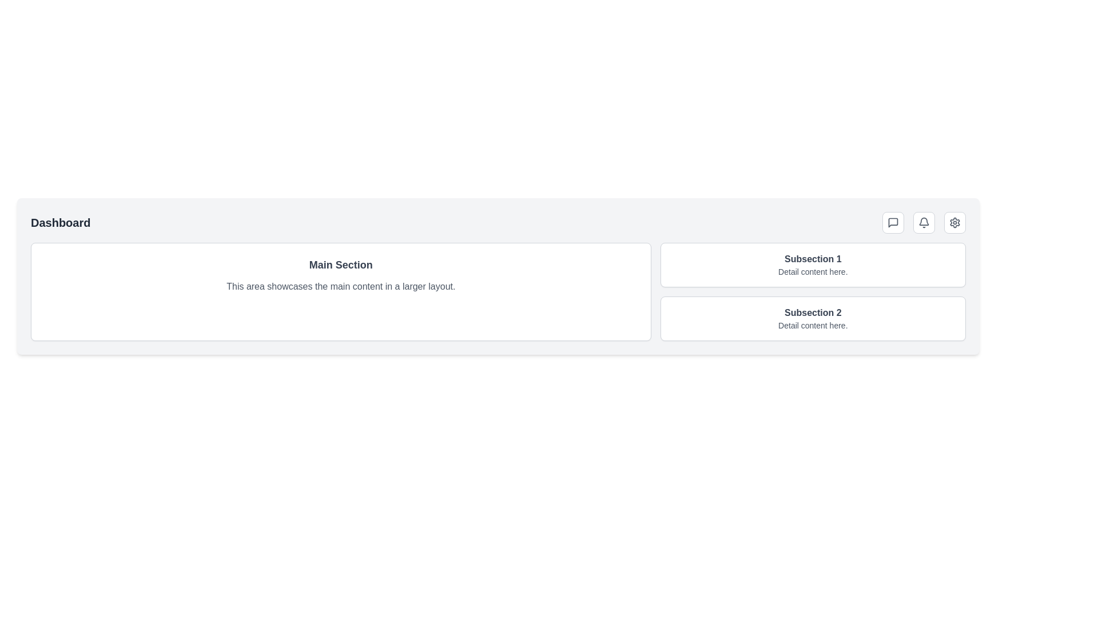  I want to click on the text label reading 'Subsection 1', which is styled with medium font weight and dark gray color, located in a white rectangular card with a light gray border, so click(812, 259).